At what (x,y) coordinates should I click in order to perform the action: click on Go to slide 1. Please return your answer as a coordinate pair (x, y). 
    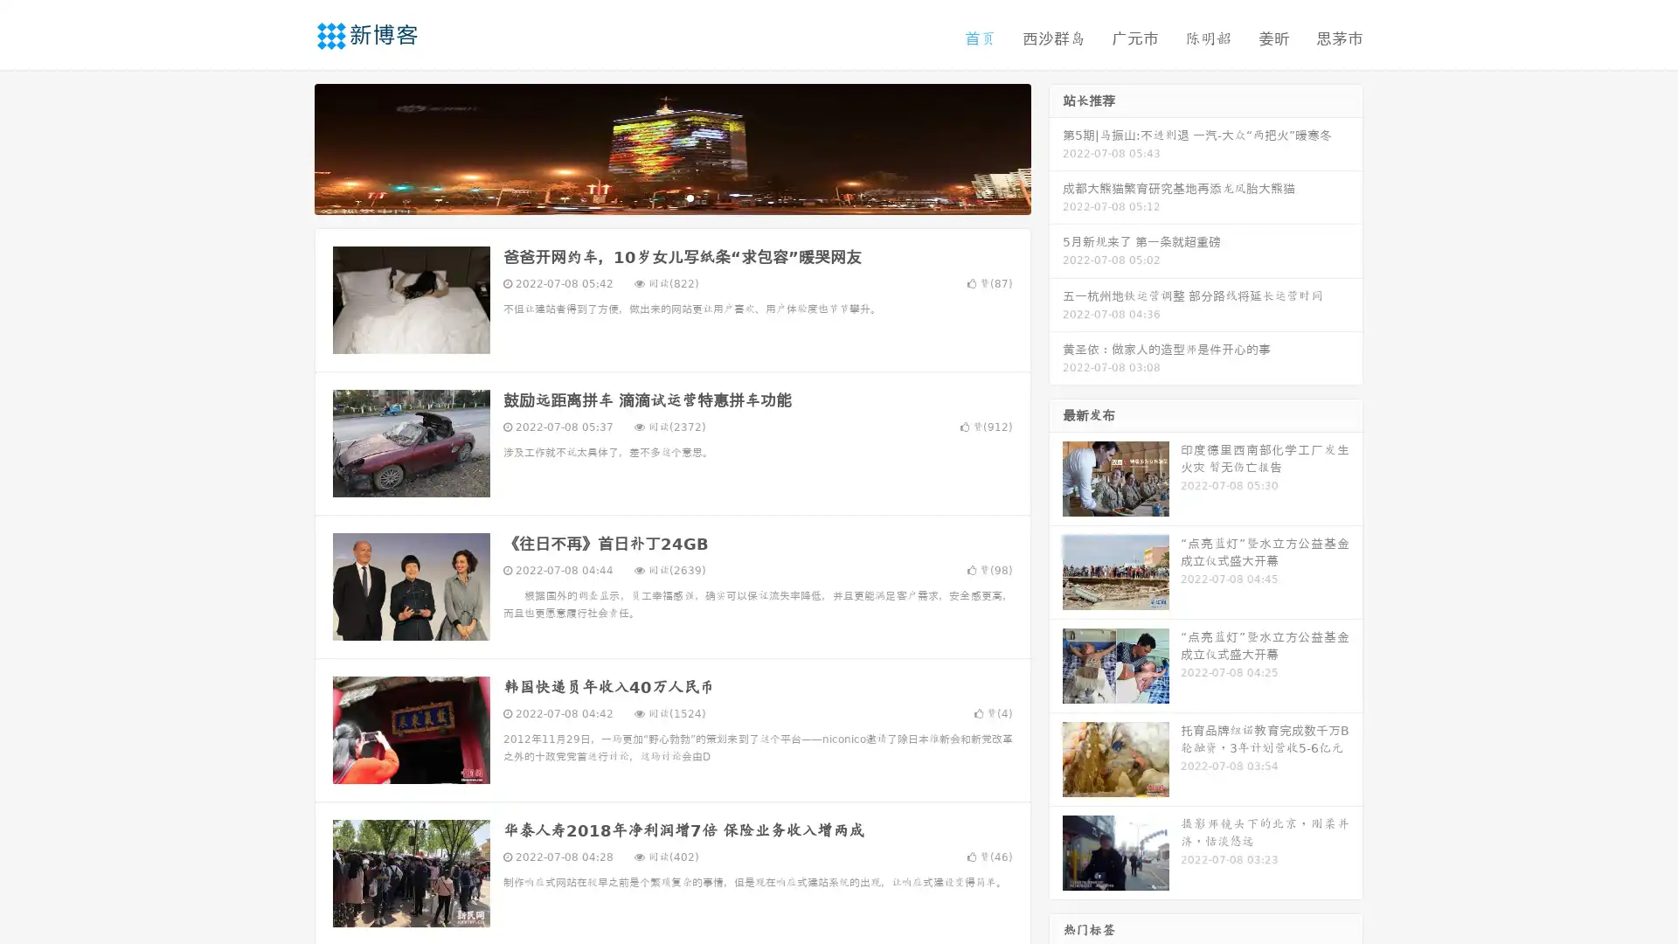
    Looking at the image, I should click on (654, 197).